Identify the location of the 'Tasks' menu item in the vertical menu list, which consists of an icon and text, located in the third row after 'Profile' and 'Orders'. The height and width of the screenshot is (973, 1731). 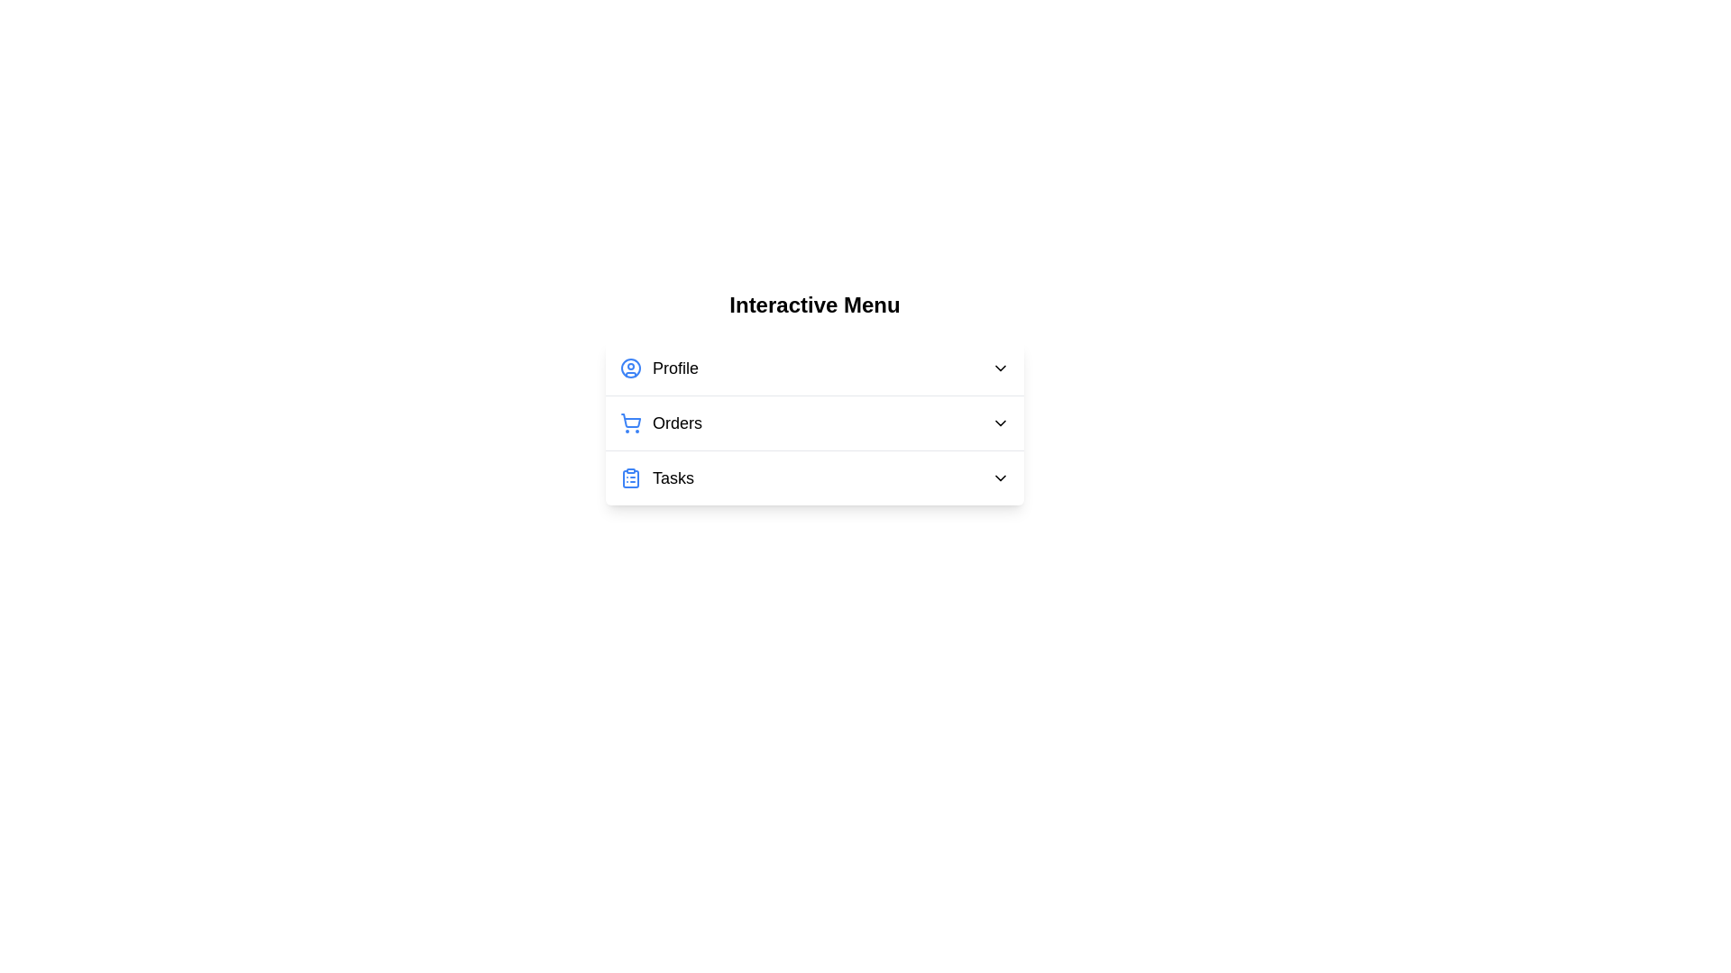
(656, 477).